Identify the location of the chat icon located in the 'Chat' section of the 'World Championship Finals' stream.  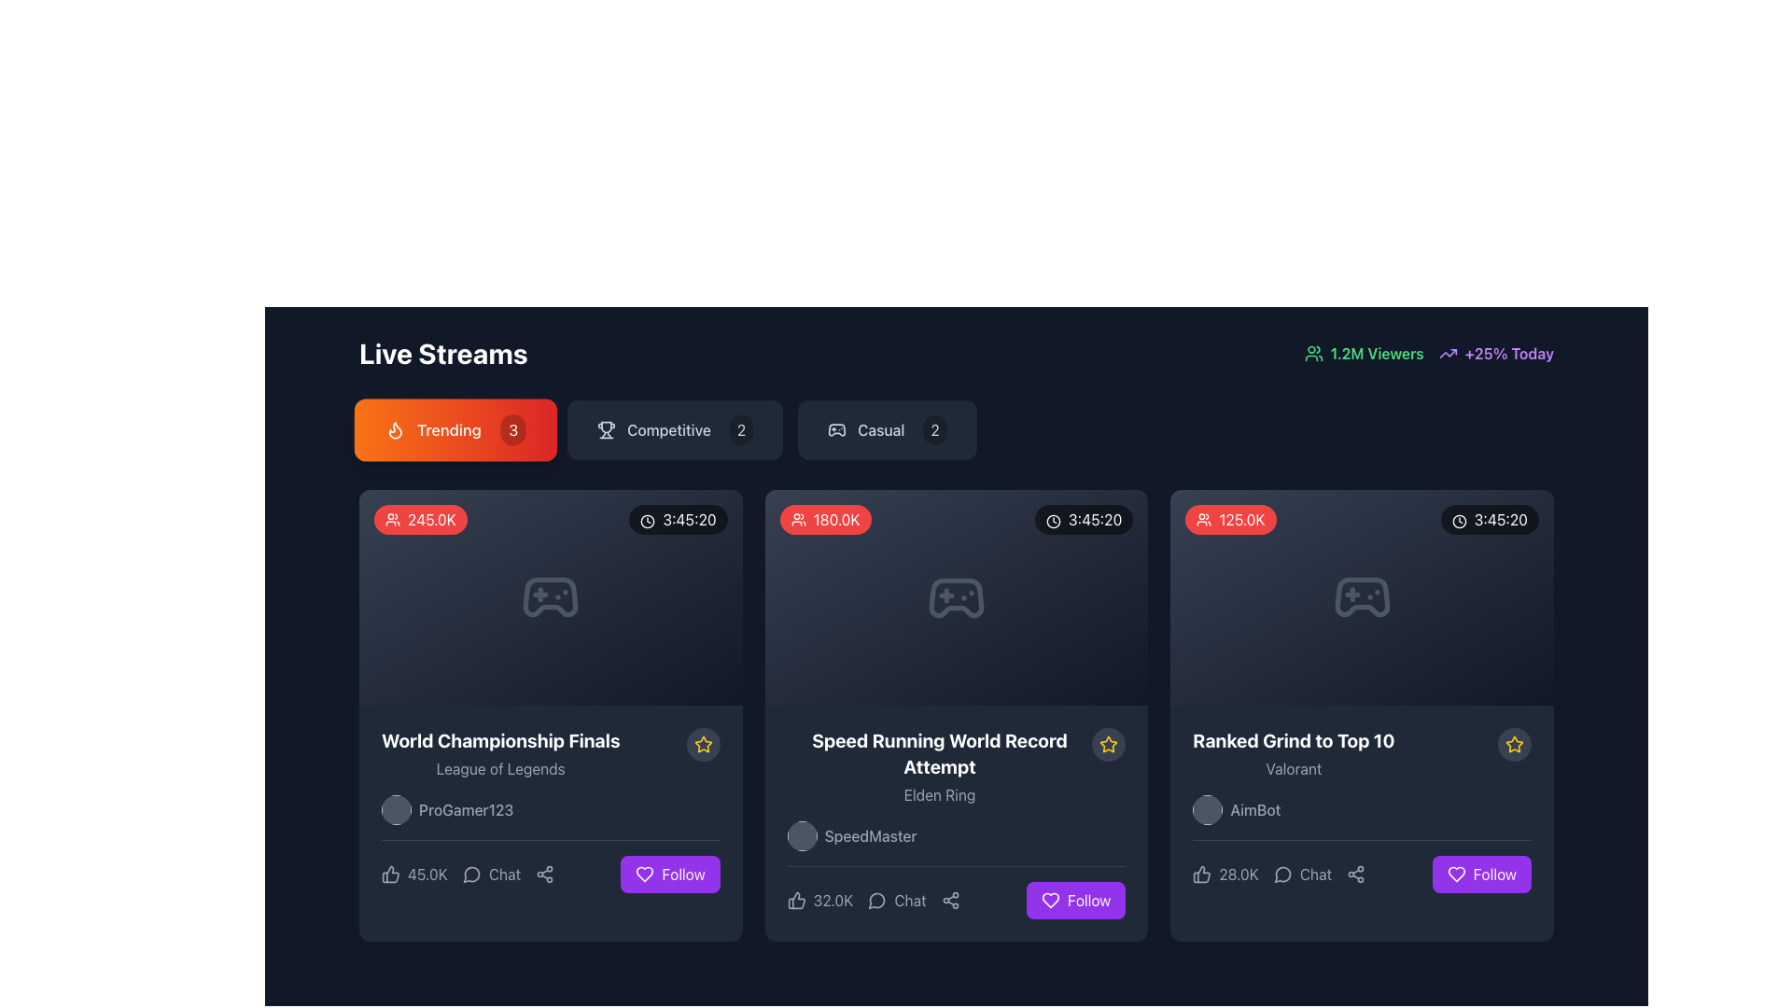
(471, 875).